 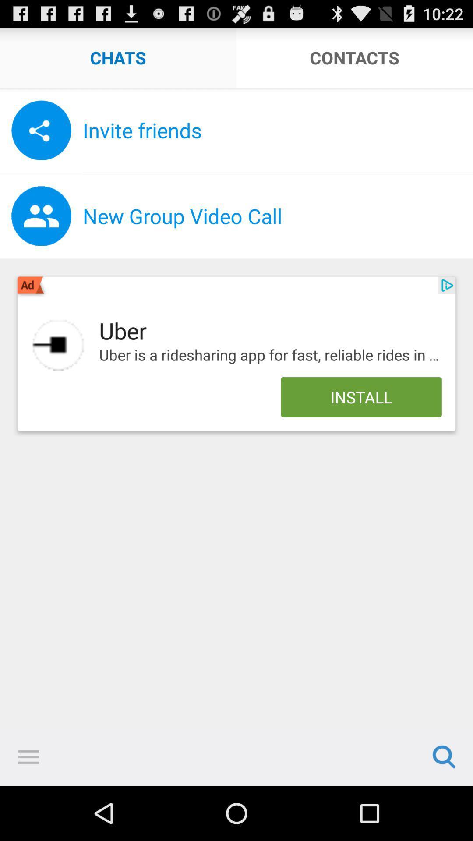 I want to click on the invite friends icon, so click(x=278, y=130).